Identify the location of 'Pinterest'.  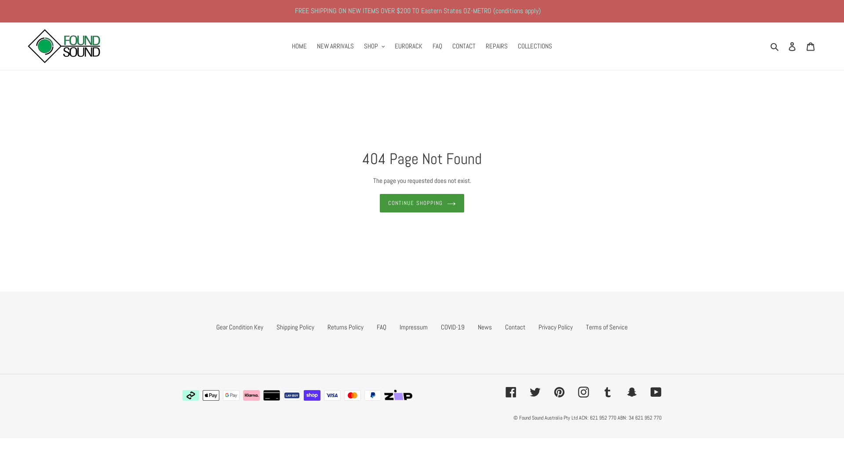
(559, 391).